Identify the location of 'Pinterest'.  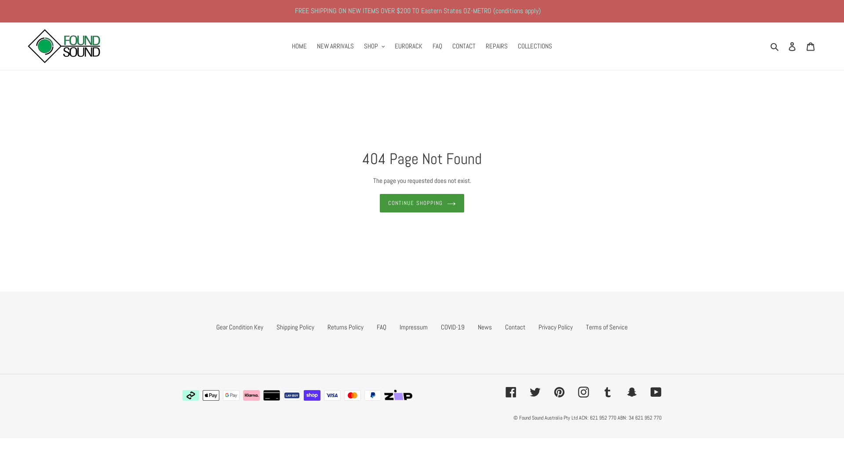
(559, 391).